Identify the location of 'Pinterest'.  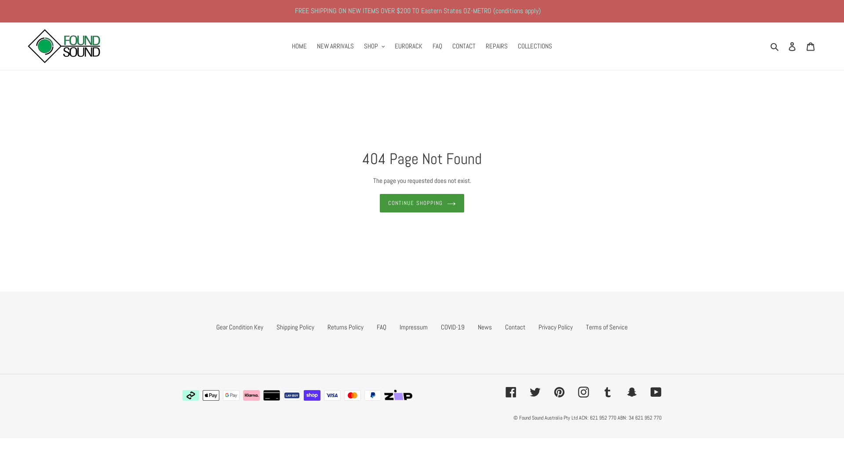
(559, 391).